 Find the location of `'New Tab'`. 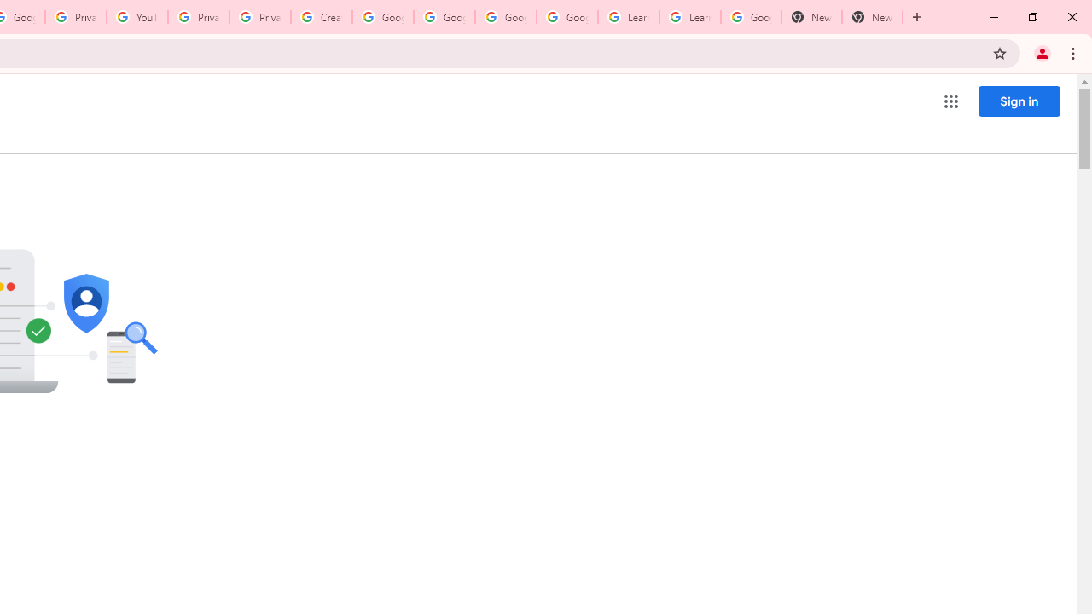

'New Tab' is located at coordinates (810, 17).